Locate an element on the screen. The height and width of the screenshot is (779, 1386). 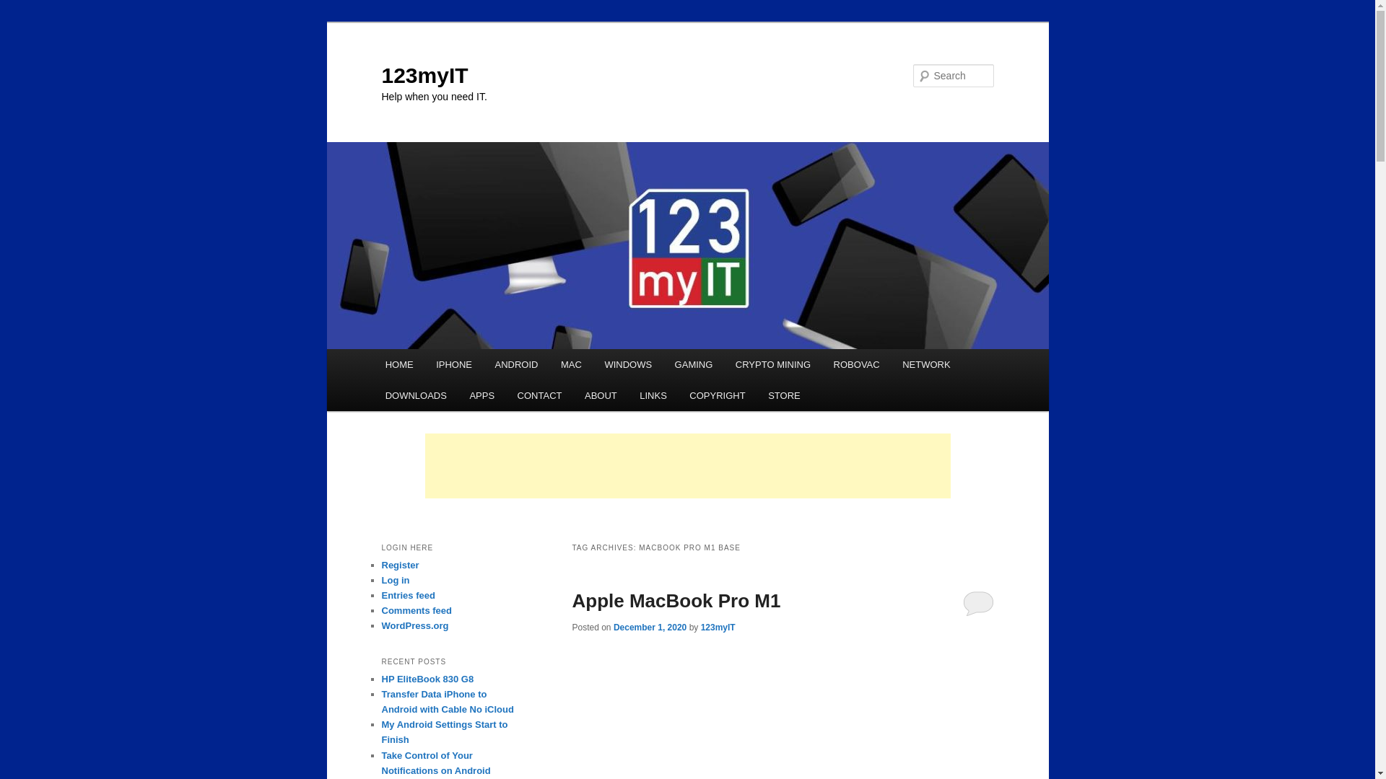
'My Android Settings Start to Finish' is located at coordinates (443, 731).